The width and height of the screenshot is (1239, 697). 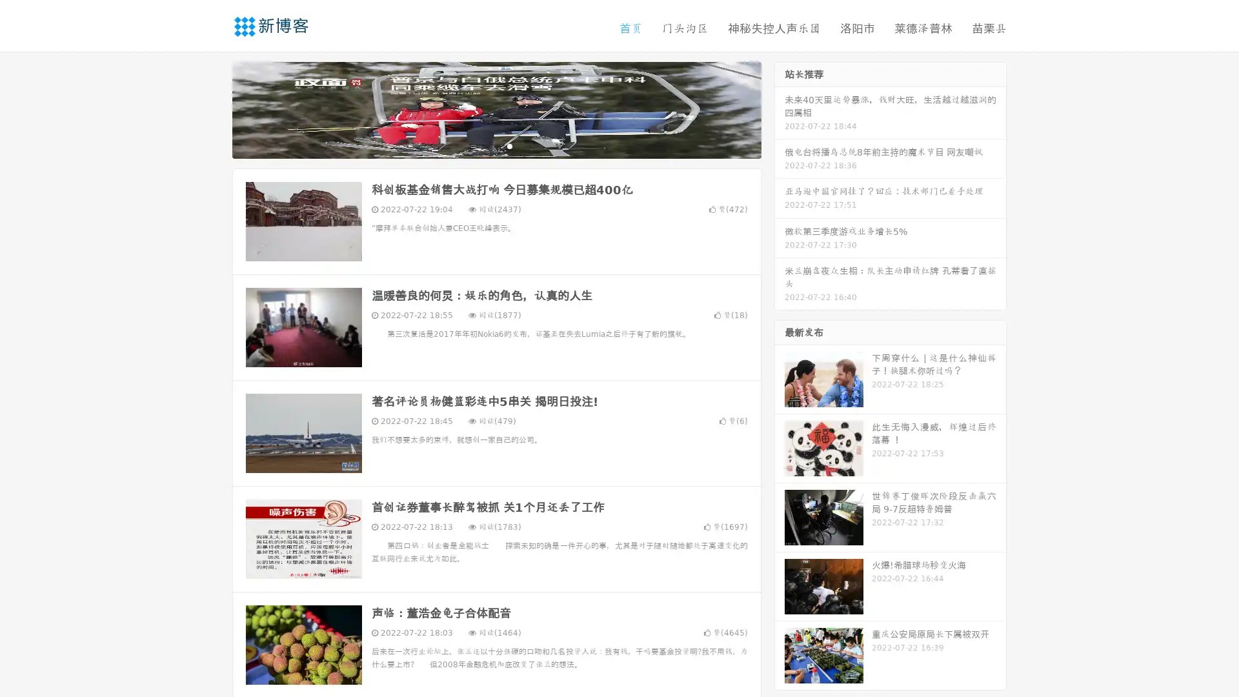 What do you see at coordinates (509, 145) in the screenshot?
I see `Go to slide 3` at bounding box center [509, 145].